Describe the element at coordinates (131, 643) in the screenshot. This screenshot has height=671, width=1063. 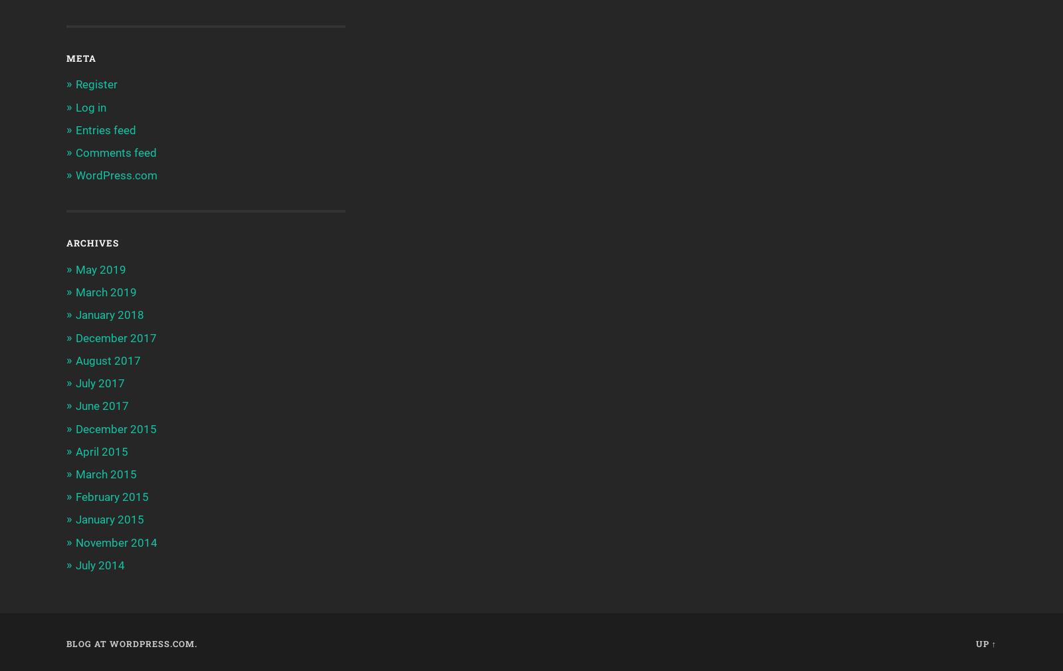
I see `'Blog at WordPress.com.'` at that location.